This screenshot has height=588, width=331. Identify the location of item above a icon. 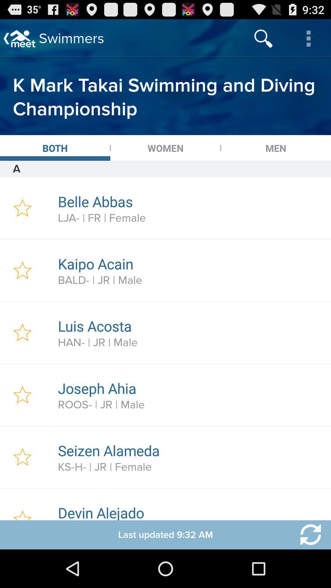
(275, 148).